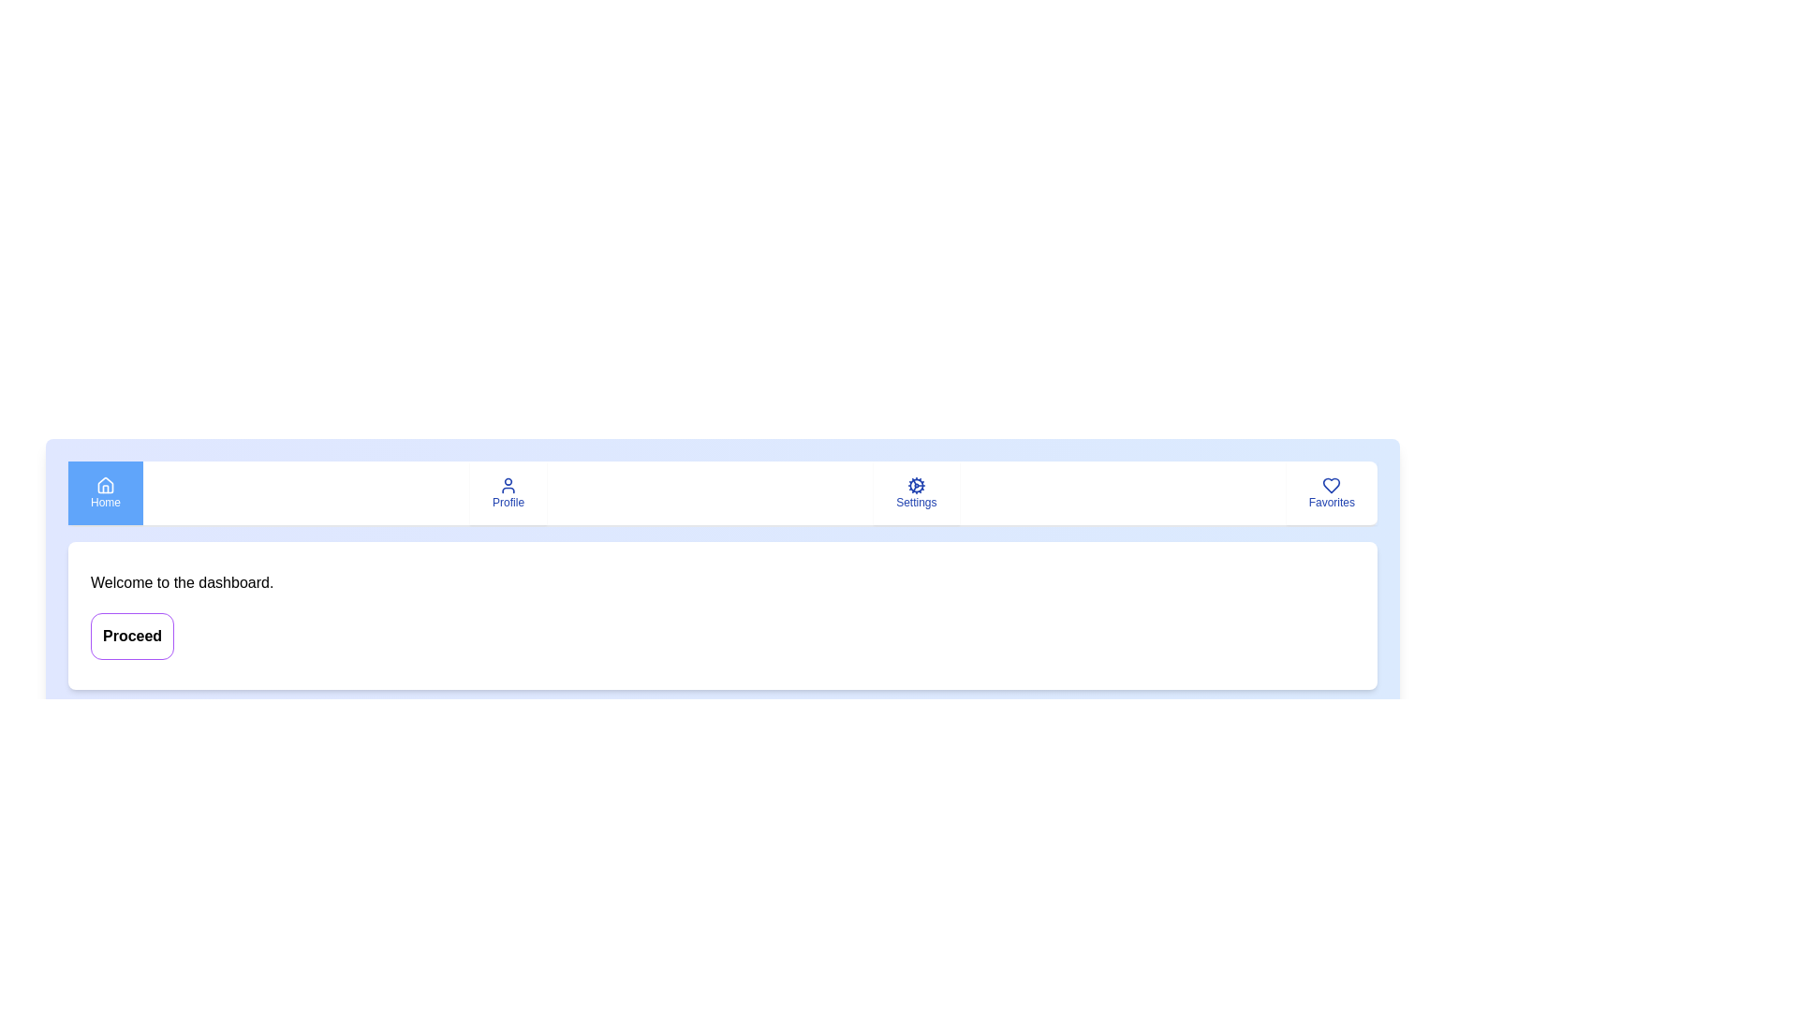 This screenshot has height=1011, width=1798. Describe the element at coordinates (1330, 492) in the screenshot. I see `the Favorites tab` at that location.